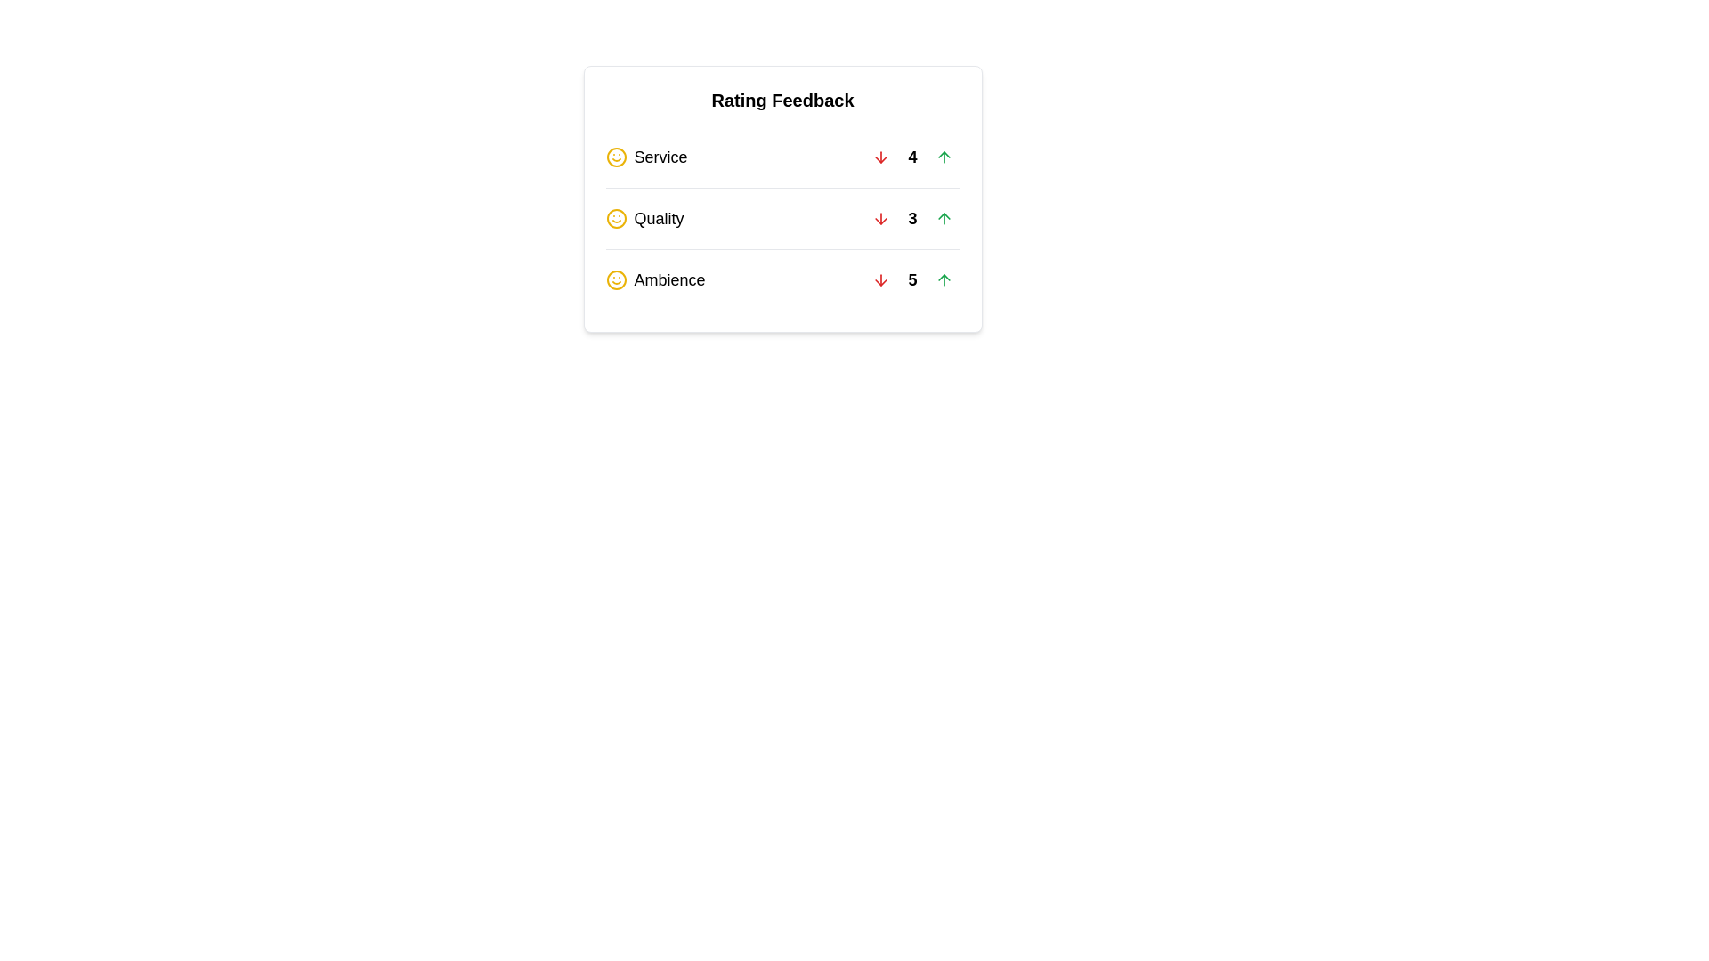  What do you see at coordinates (912, 280) in the screenshot?
I see `the numerical rating score of 5 located in the last row of the 'Rating Feedback' section, positioned between a red down arrow and a green up arrow` at bounding box center [912, 280].